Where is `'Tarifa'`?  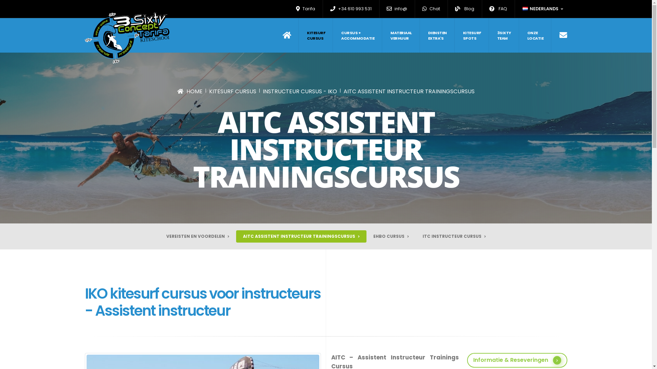
'Tarifa' is located at coordinates (305, 9).